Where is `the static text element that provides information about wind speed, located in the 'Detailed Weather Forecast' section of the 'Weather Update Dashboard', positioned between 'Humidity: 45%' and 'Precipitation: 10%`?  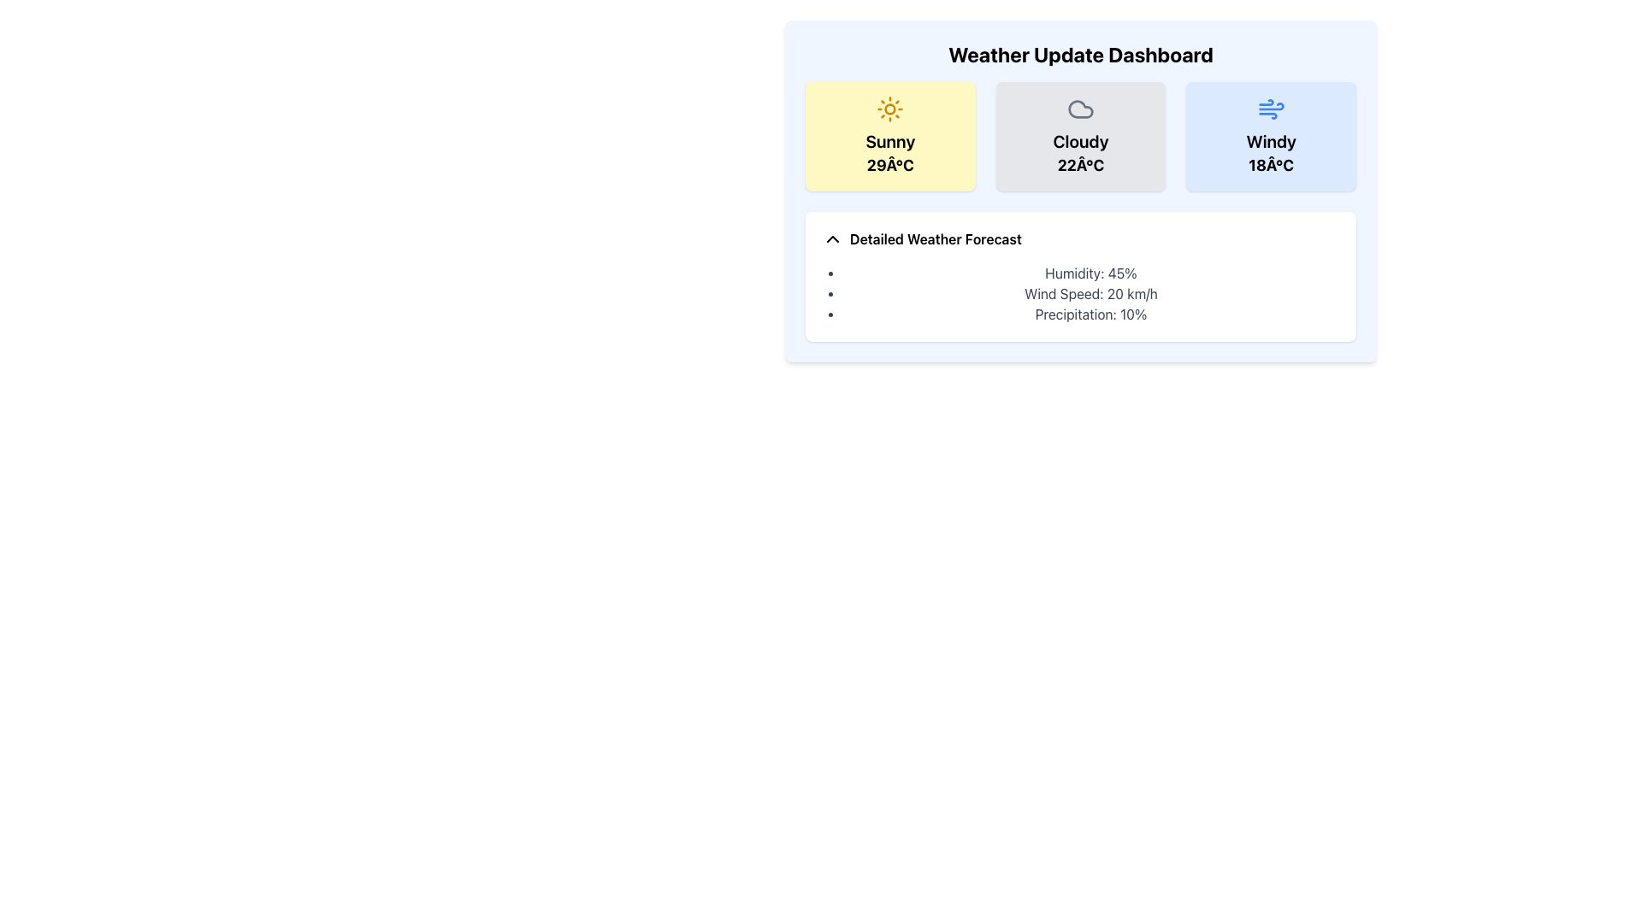
the static text element that provides information about wind speed, located in the 'Detailed Weather Forecast' section of the 'Weather Update Dashboard', positioned between 'Humidity: 45%' and 'Precipitation: 10% is located at coordinates (1090, 292).